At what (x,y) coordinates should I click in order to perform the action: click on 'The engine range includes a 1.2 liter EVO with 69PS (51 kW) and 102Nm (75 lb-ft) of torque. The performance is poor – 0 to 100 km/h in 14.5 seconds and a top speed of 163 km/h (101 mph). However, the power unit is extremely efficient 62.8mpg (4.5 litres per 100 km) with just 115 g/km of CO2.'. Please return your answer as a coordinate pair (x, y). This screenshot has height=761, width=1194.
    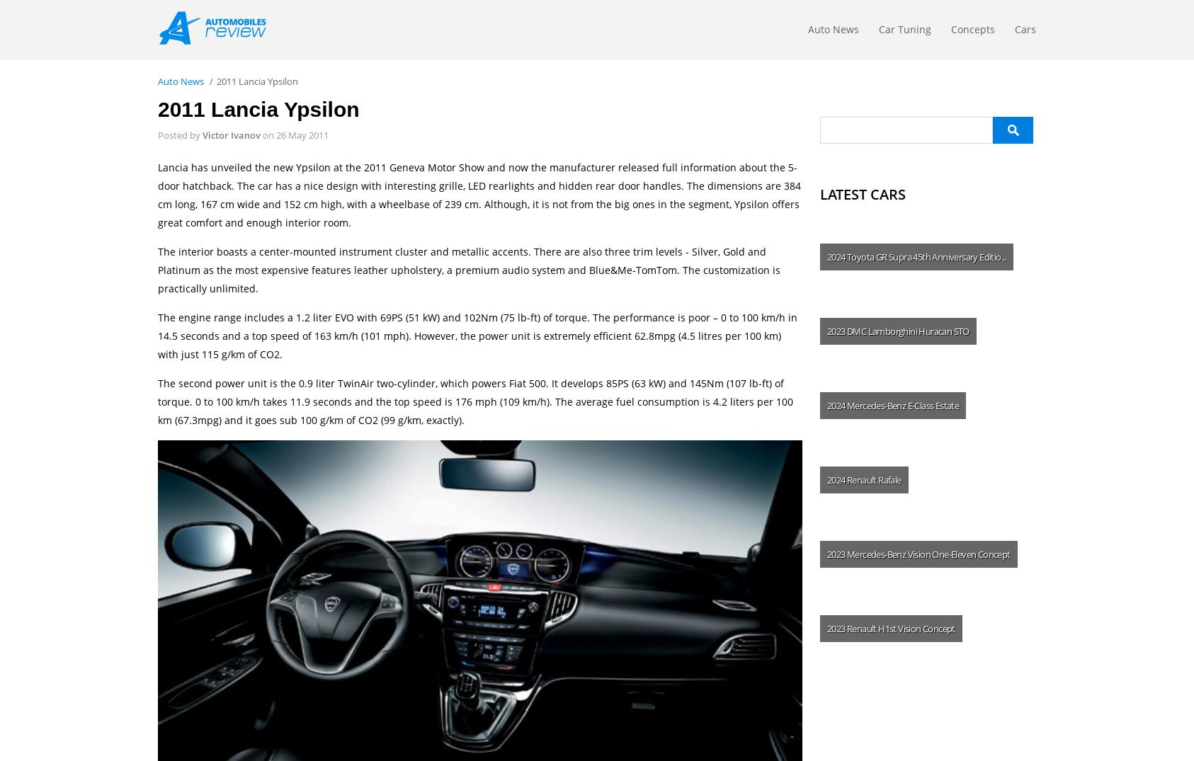
    Looking at the image, I should click on (158, 336).